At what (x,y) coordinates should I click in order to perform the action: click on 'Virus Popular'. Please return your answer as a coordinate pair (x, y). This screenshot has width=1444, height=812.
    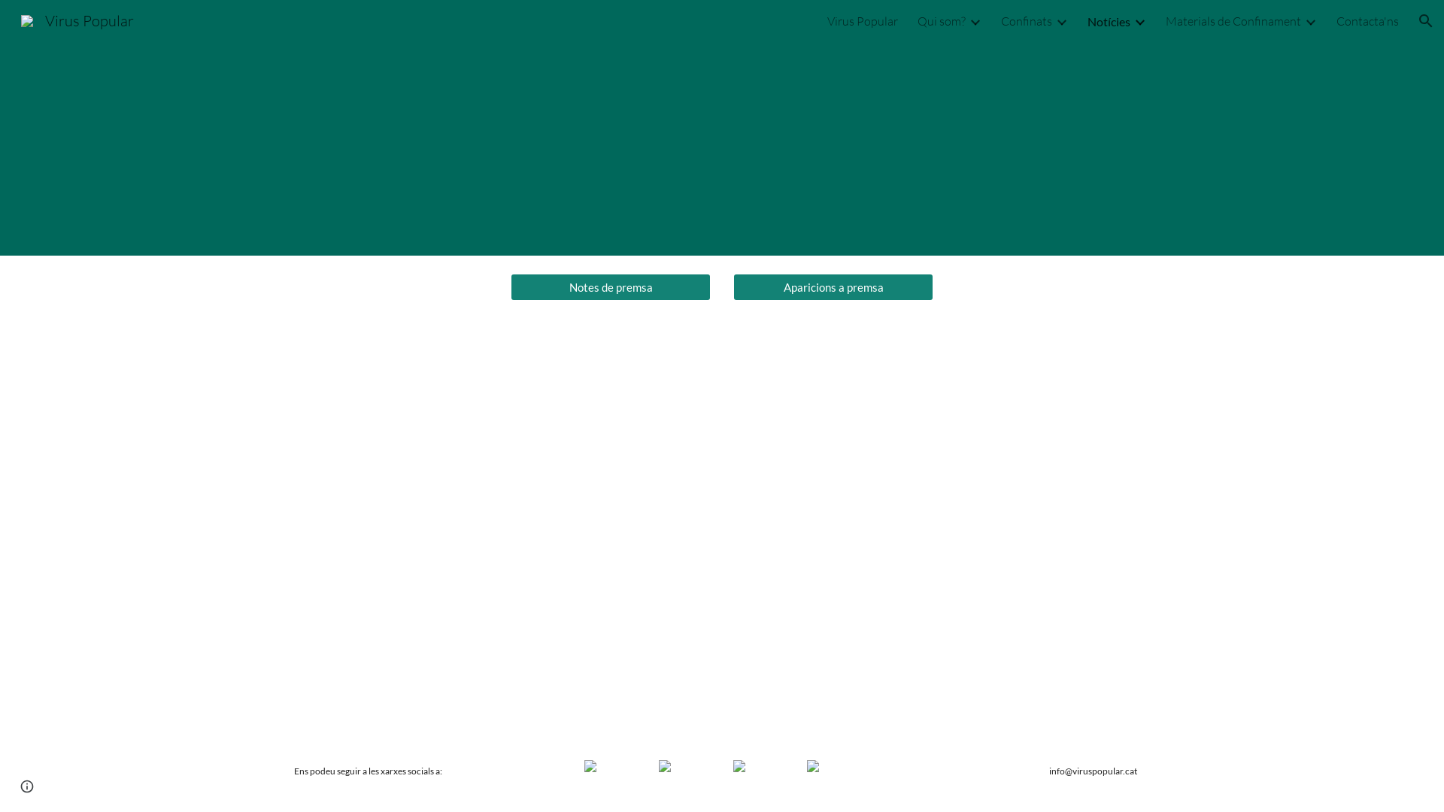
    Looking at the image, I should click on (863, 20).